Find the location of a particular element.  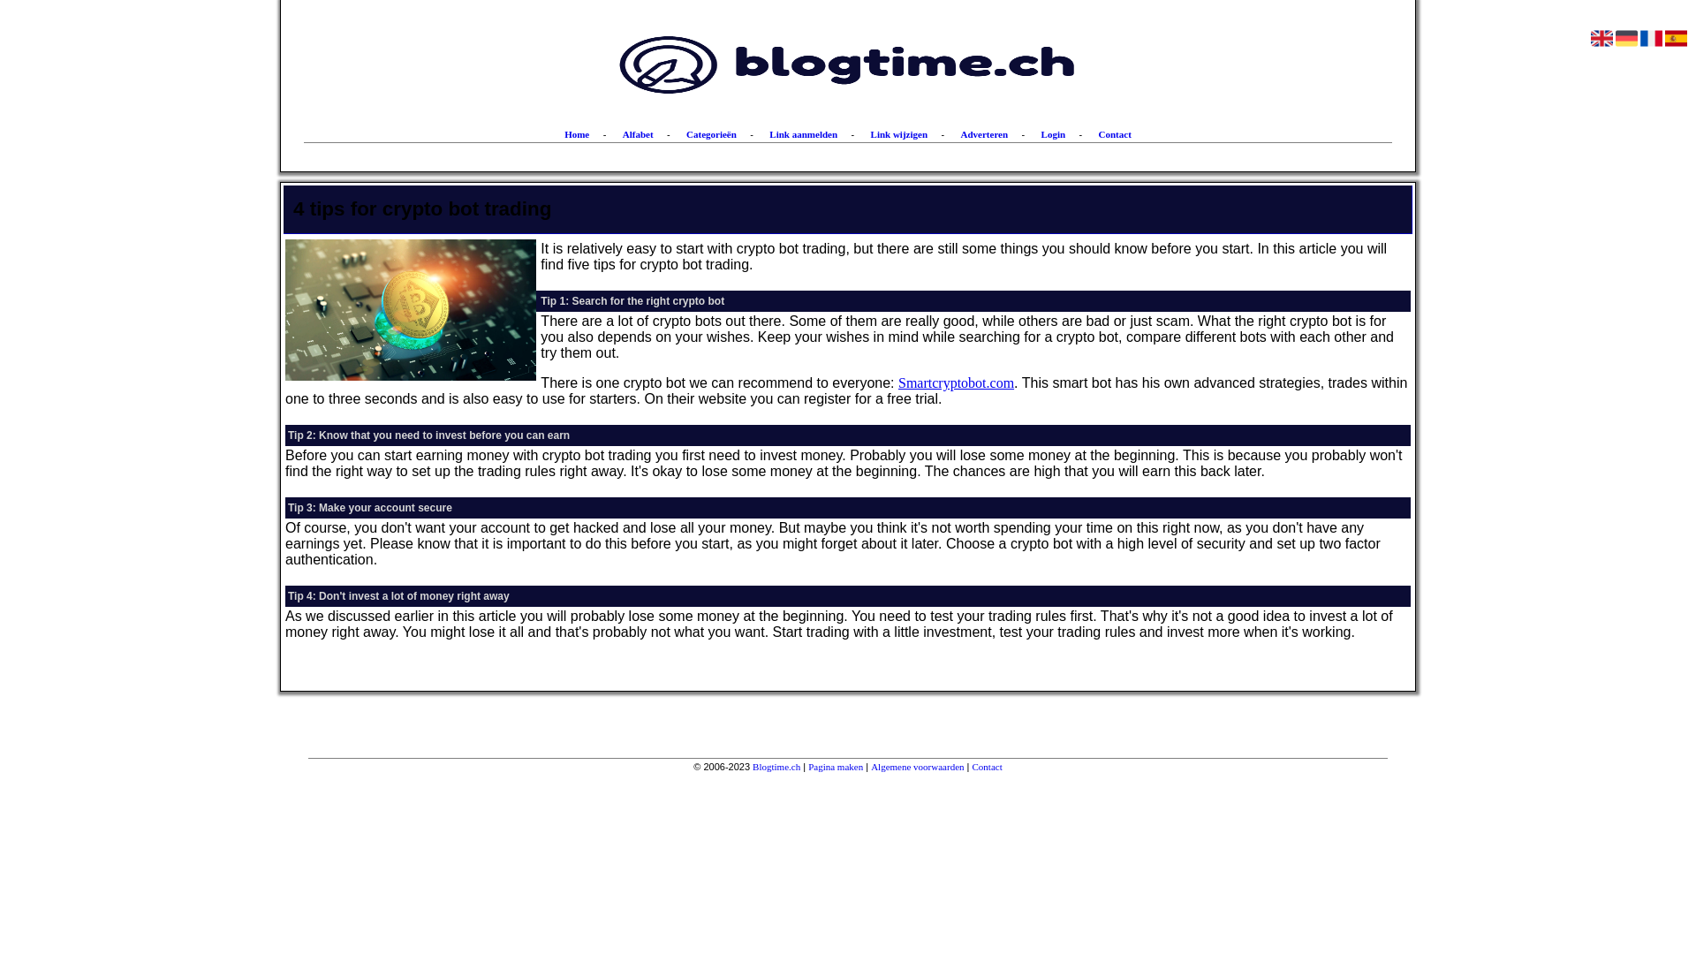

'Login' is located at coordinates (1054, 132).